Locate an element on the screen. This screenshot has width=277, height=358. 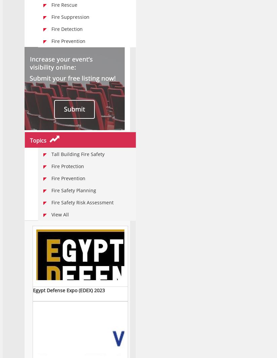
'Fire Suppression' is located at coordinates (51, 16).